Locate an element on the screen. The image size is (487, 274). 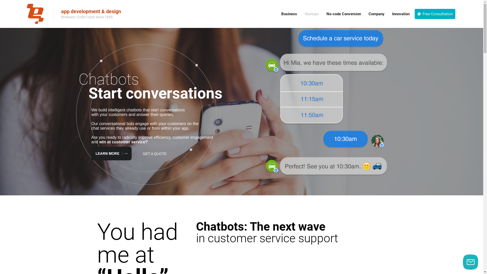
'Innovation' is located at coordinates (401, 13).